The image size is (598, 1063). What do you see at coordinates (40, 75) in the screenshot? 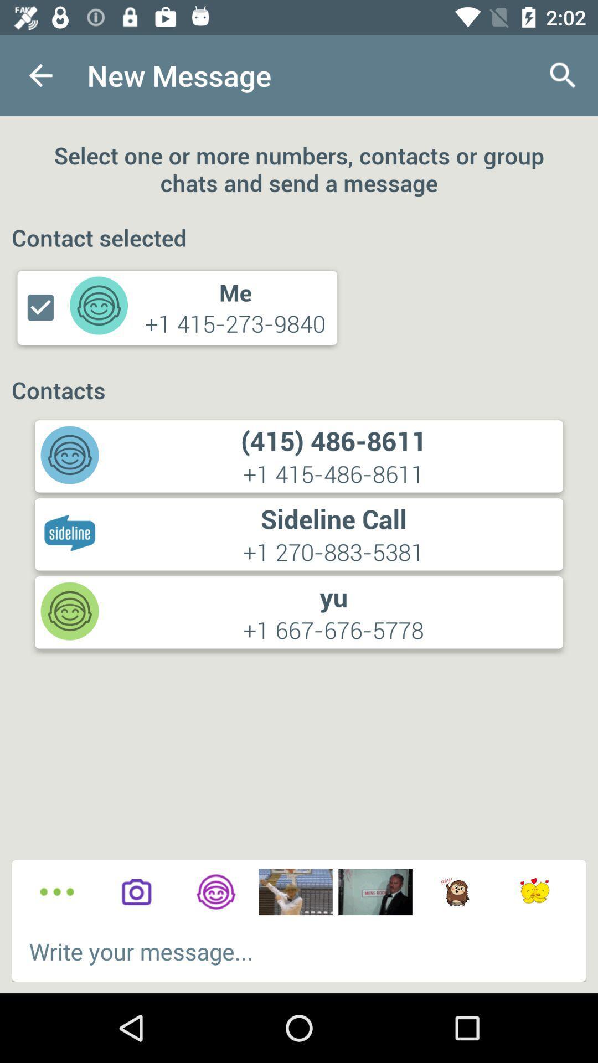
I see `the icon above the select one or item` at bounding box center [40, 75].